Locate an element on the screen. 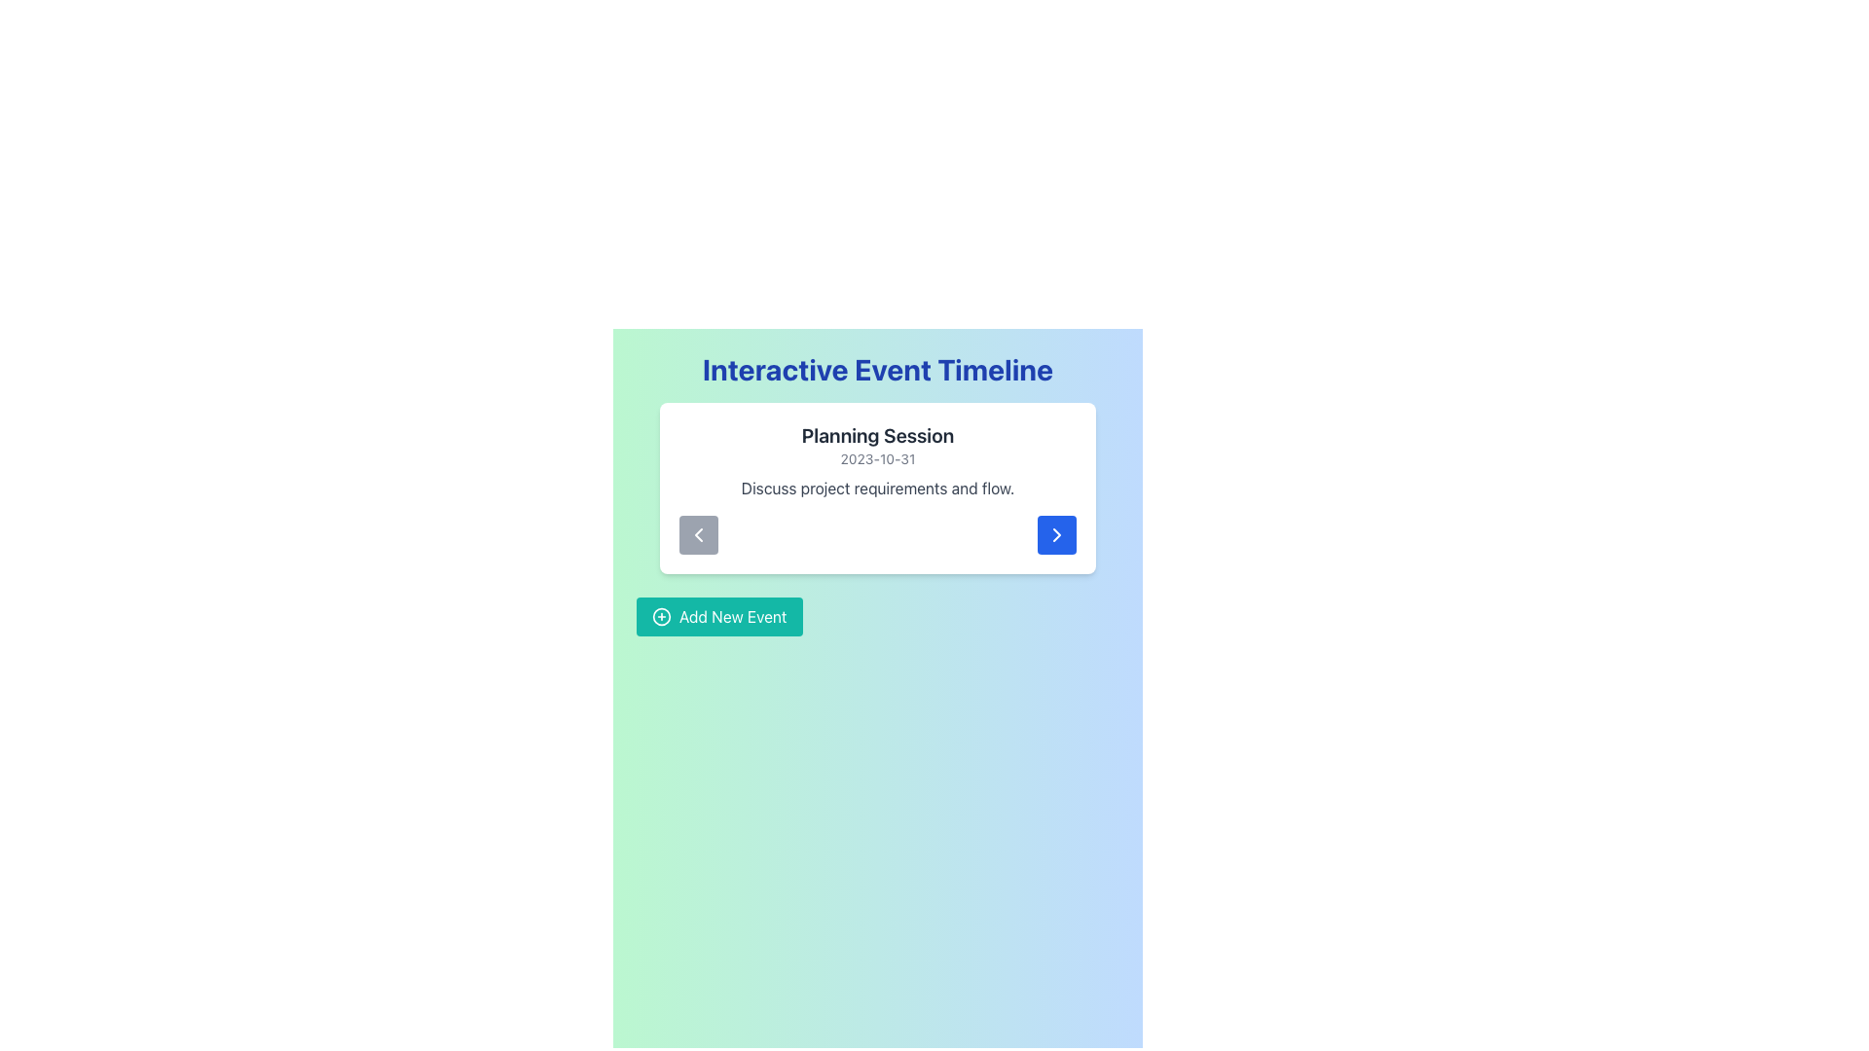  the Text Label that displays the date associated with the planning session, which is centrally aligned below the session title 'Planning Session' is located at coordinates (877, 458).